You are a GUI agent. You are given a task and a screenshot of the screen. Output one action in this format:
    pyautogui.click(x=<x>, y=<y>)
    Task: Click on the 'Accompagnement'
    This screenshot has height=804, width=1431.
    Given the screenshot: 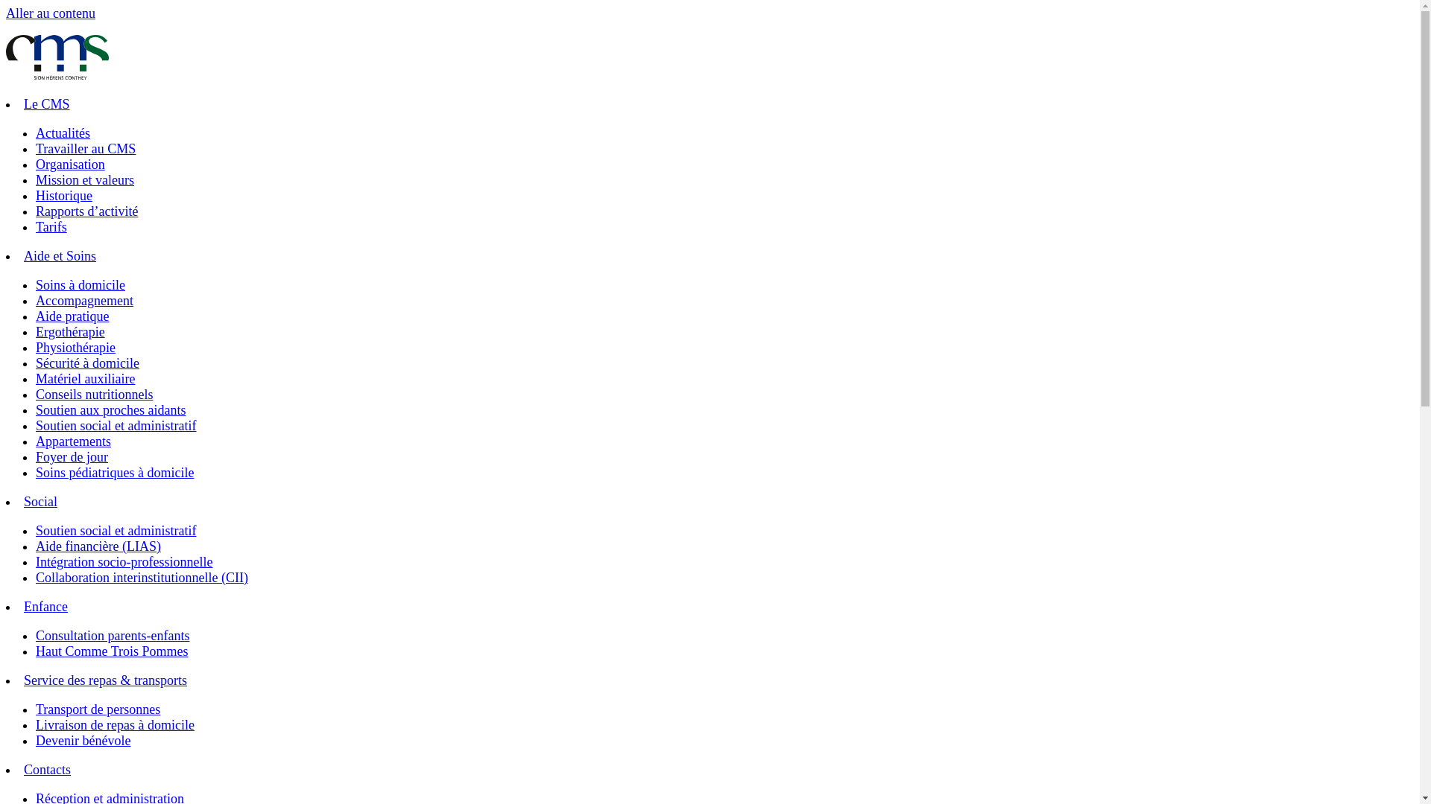 What is the action you would take?
    pyautogui.click(x=36, y=301)
    